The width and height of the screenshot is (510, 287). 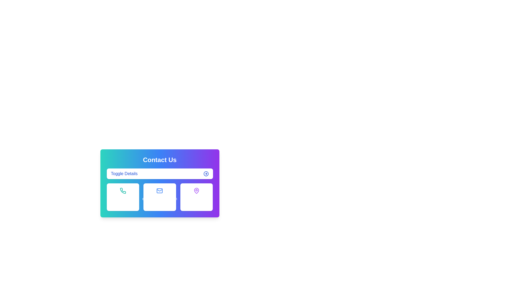 I want to click on the contact information section which displays phone number, email address, and location, so click(x=159, y=213).